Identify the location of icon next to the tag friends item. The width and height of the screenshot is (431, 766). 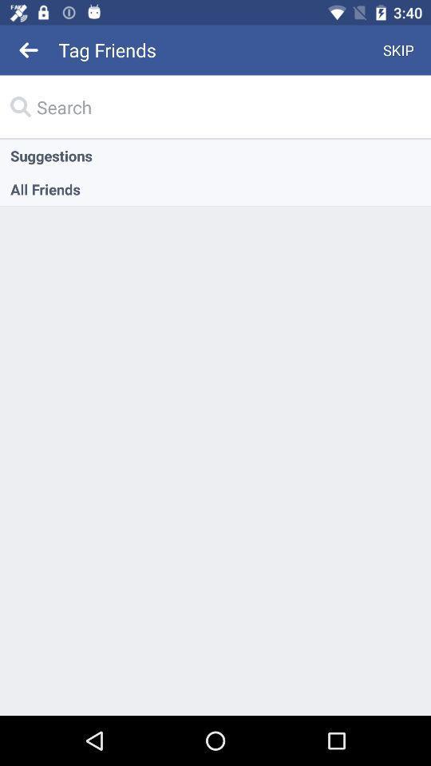
(29, 49).